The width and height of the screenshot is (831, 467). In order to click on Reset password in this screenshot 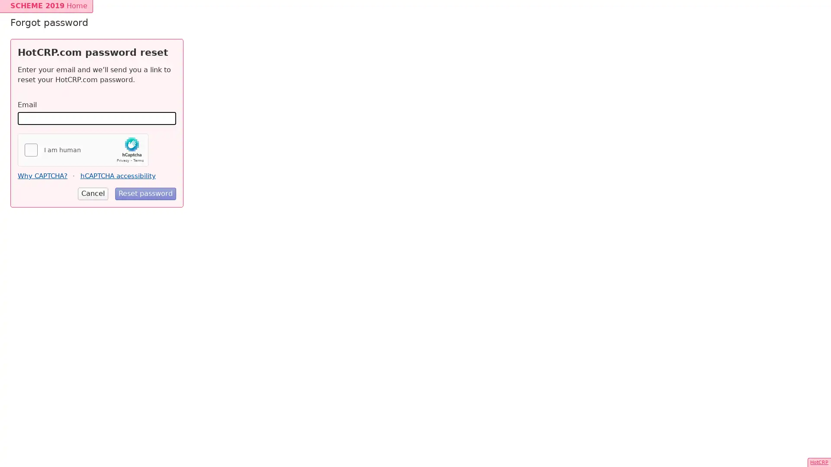, I will do `click(145, 193)`.